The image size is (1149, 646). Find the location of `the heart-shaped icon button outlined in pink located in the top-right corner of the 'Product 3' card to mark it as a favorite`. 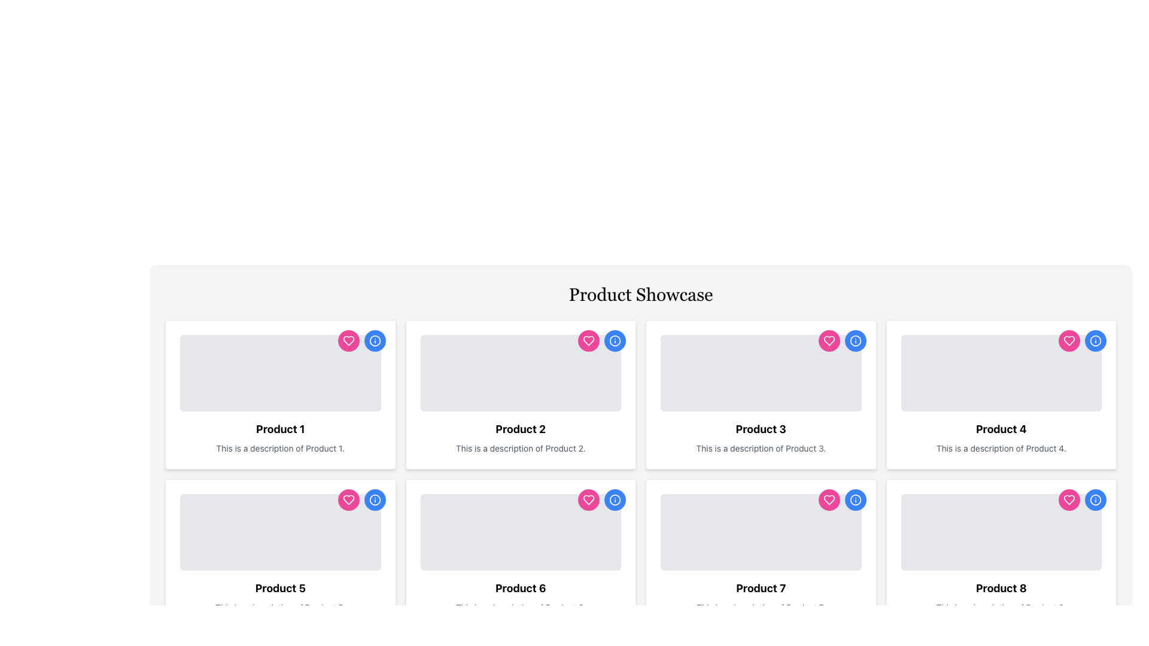

the heart-shaped icon button outlined in pink located in the top-right corner of the 'Product 3' card to mark it as a favorite is located at coordinates (828, 500).